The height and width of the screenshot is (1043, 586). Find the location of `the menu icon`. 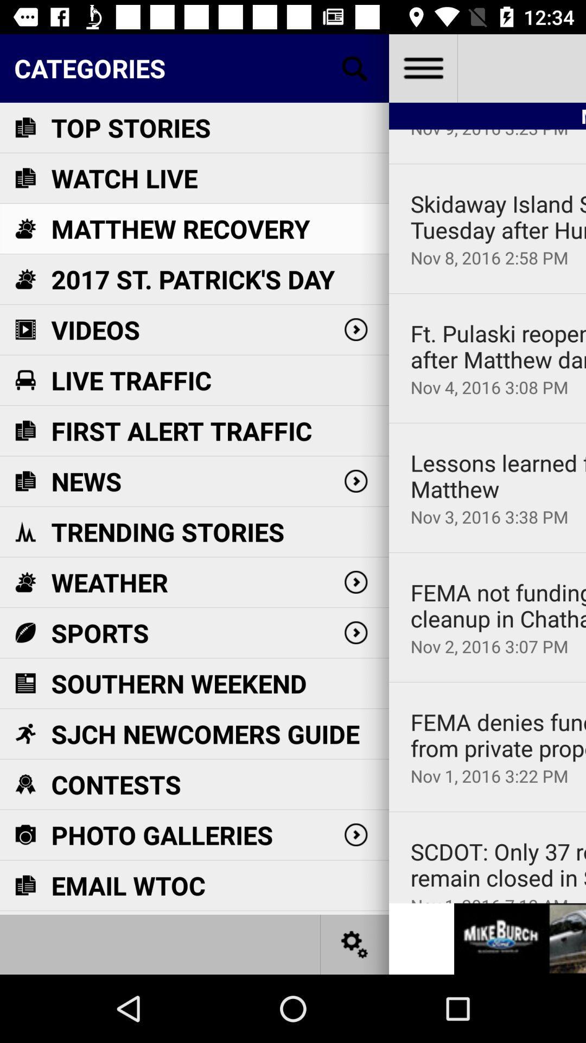

the menu icon is located at coordinates (422, 67).